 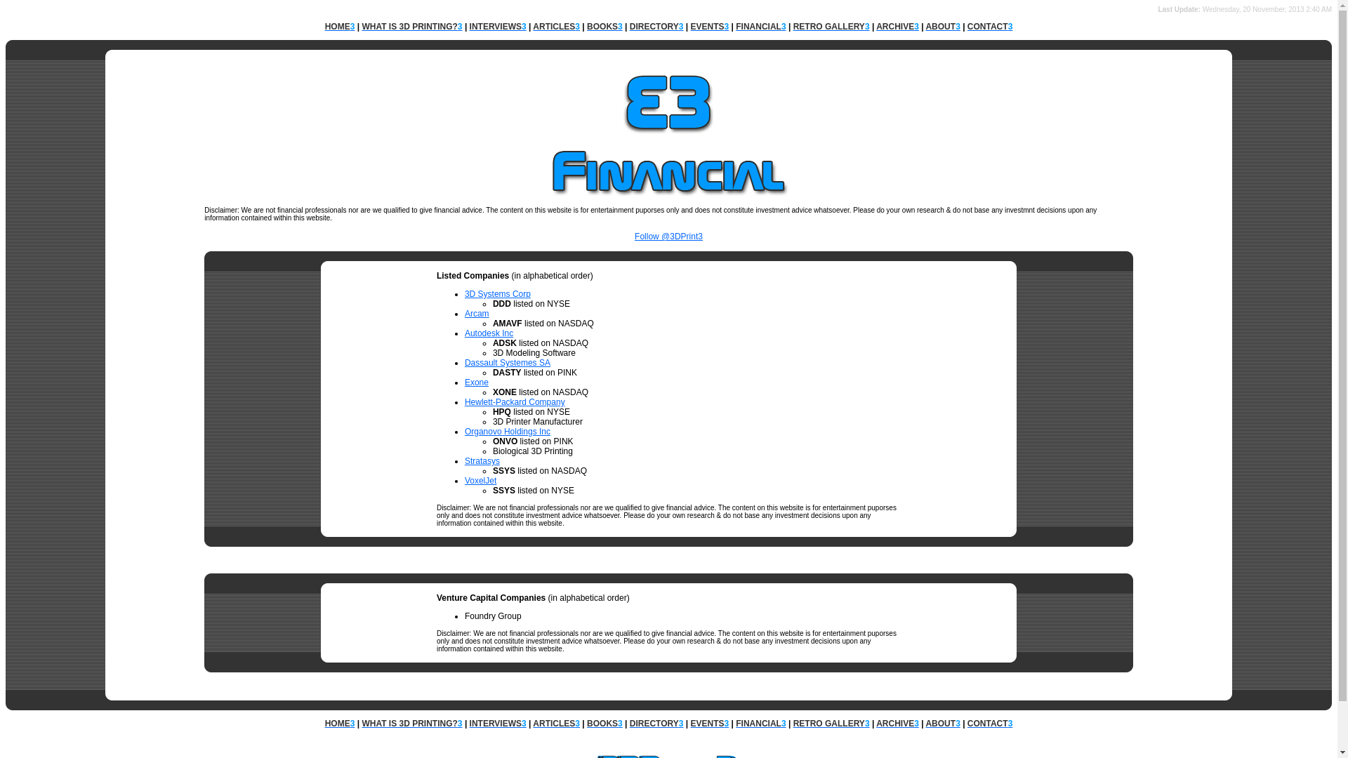 I want to click on 'Follow @3DPrint3', so click(x=668, y=240).